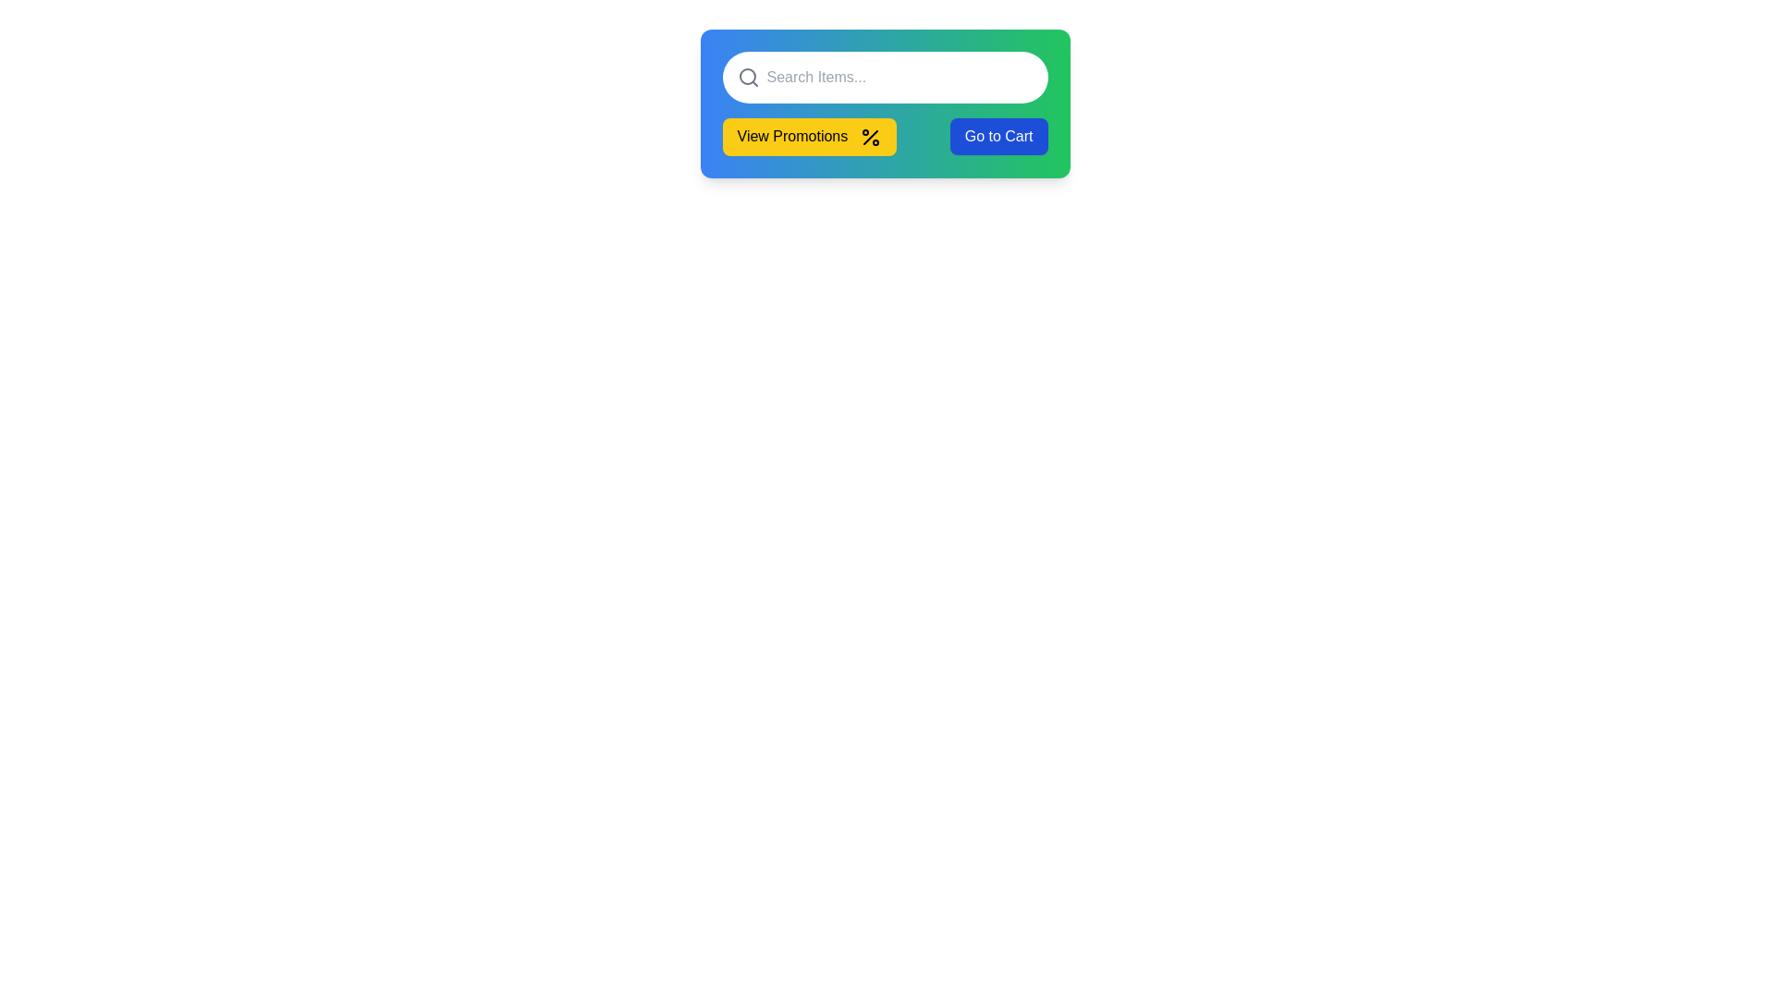 This screenshot has height=998, width=1775. What do you see at coordinates (747, 76) in the screenshot?
I see `the central circular part of the magnifying glass graphic, which is the Icon component within the search icon located at the left side of the search bar in the navigation area` at bounding box center [747, 76].